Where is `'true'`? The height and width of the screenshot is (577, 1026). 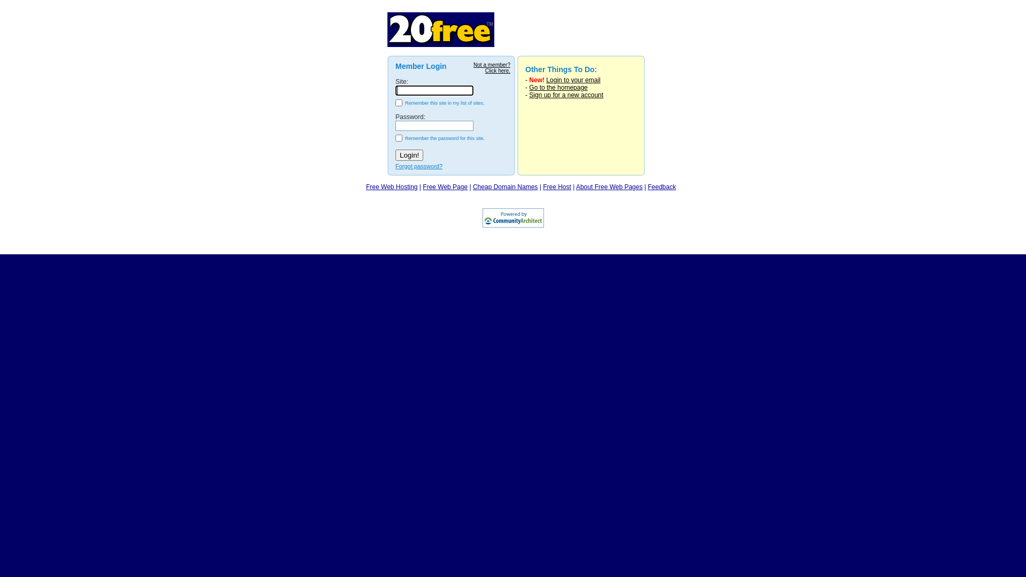 'true' is located at coordinates (394, 103).